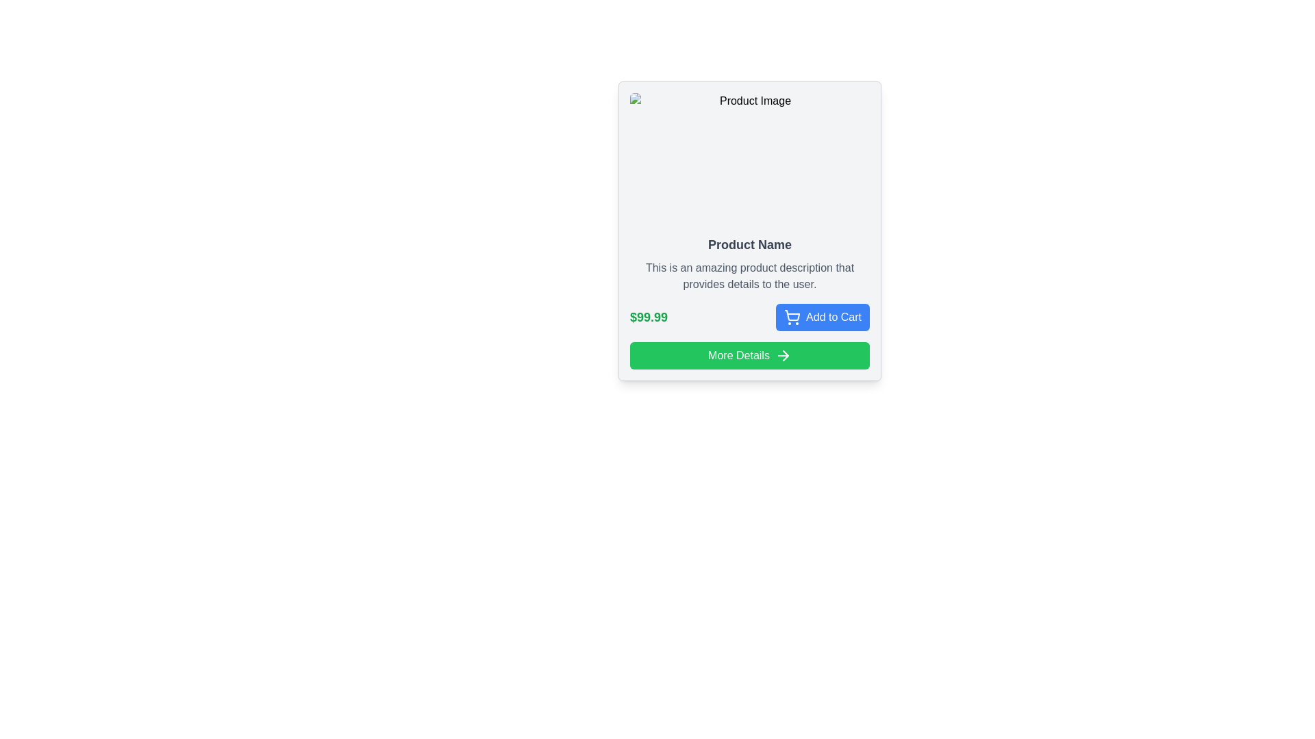  Describe the element at coordinates (749, 244) in the screenshot. I see `the Header text element located in the product card layout, positioned between the Product Image and product description, centered horizontally` at that location.